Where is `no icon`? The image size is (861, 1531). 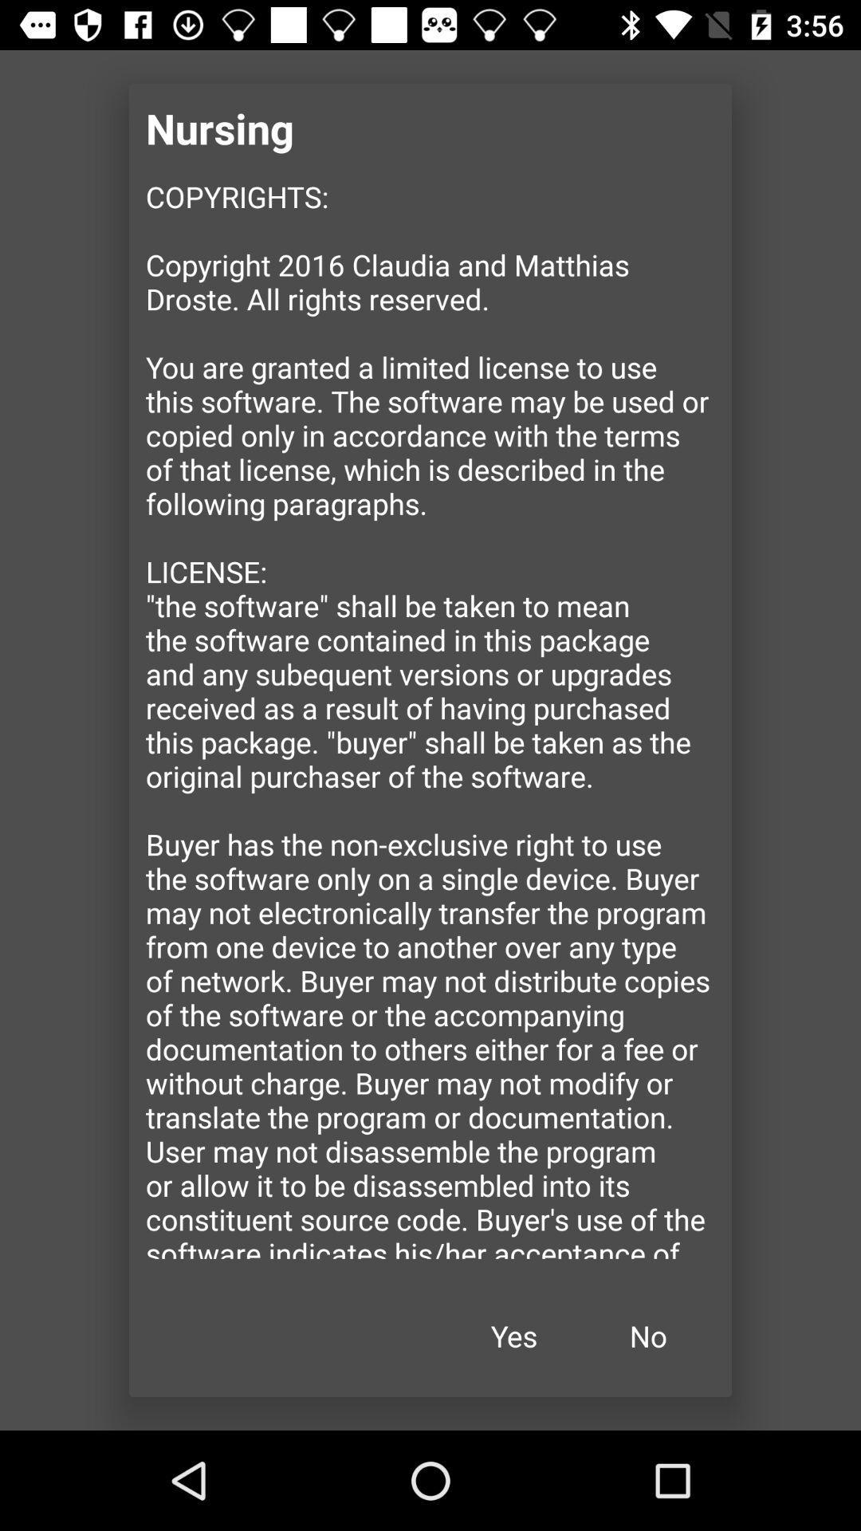
no icon is located at coordinates (648, 1336).